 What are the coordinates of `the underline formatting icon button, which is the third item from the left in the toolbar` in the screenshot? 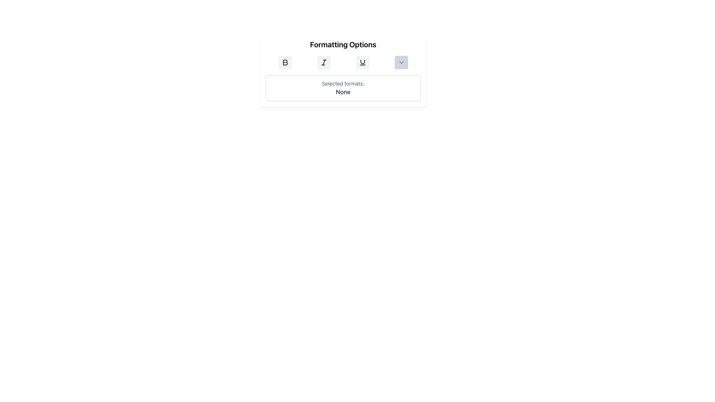 It's located at (362, 62).